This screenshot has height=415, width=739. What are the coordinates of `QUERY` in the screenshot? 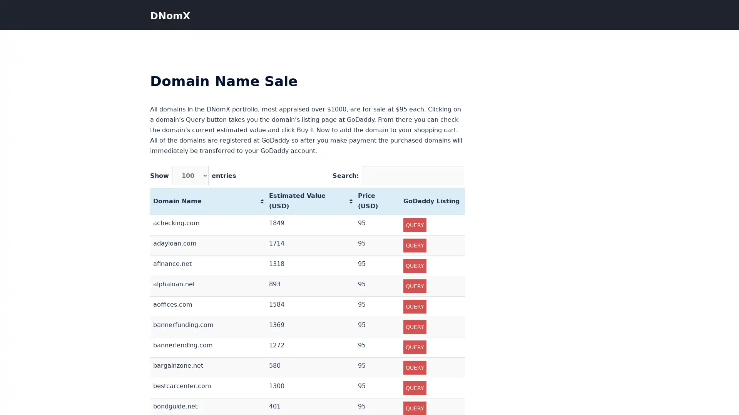 It's located at (414, 225).